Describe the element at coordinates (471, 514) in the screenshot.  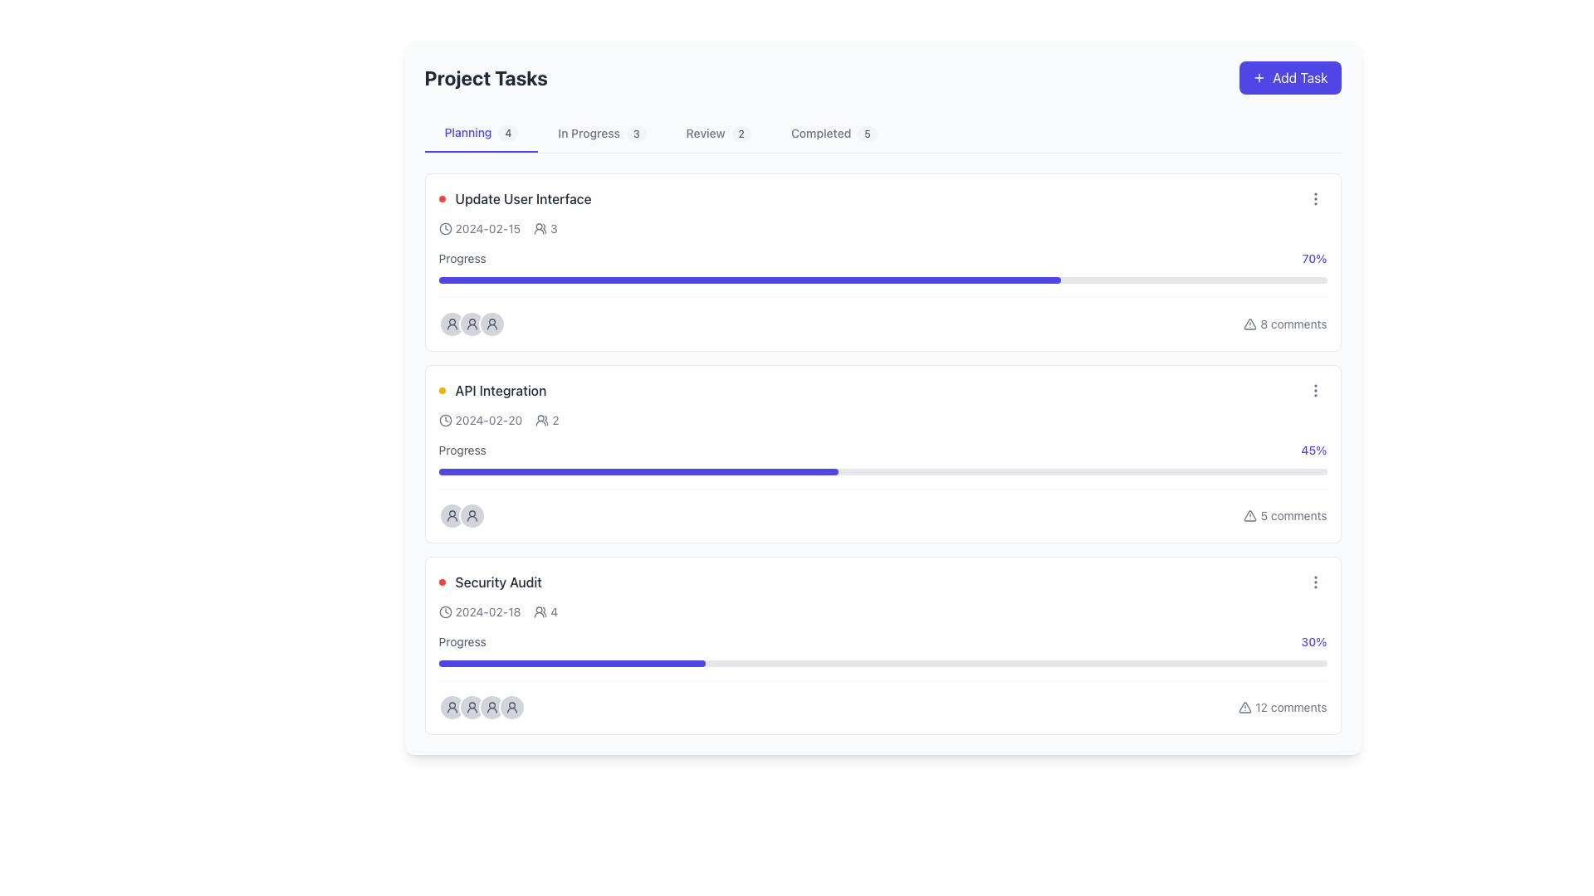
I see `the User Avatar Icon located in the middle of the stacked task cards, specifically the second circular icon under the 'Progress' label of the 'API Integration' task card` at that location.